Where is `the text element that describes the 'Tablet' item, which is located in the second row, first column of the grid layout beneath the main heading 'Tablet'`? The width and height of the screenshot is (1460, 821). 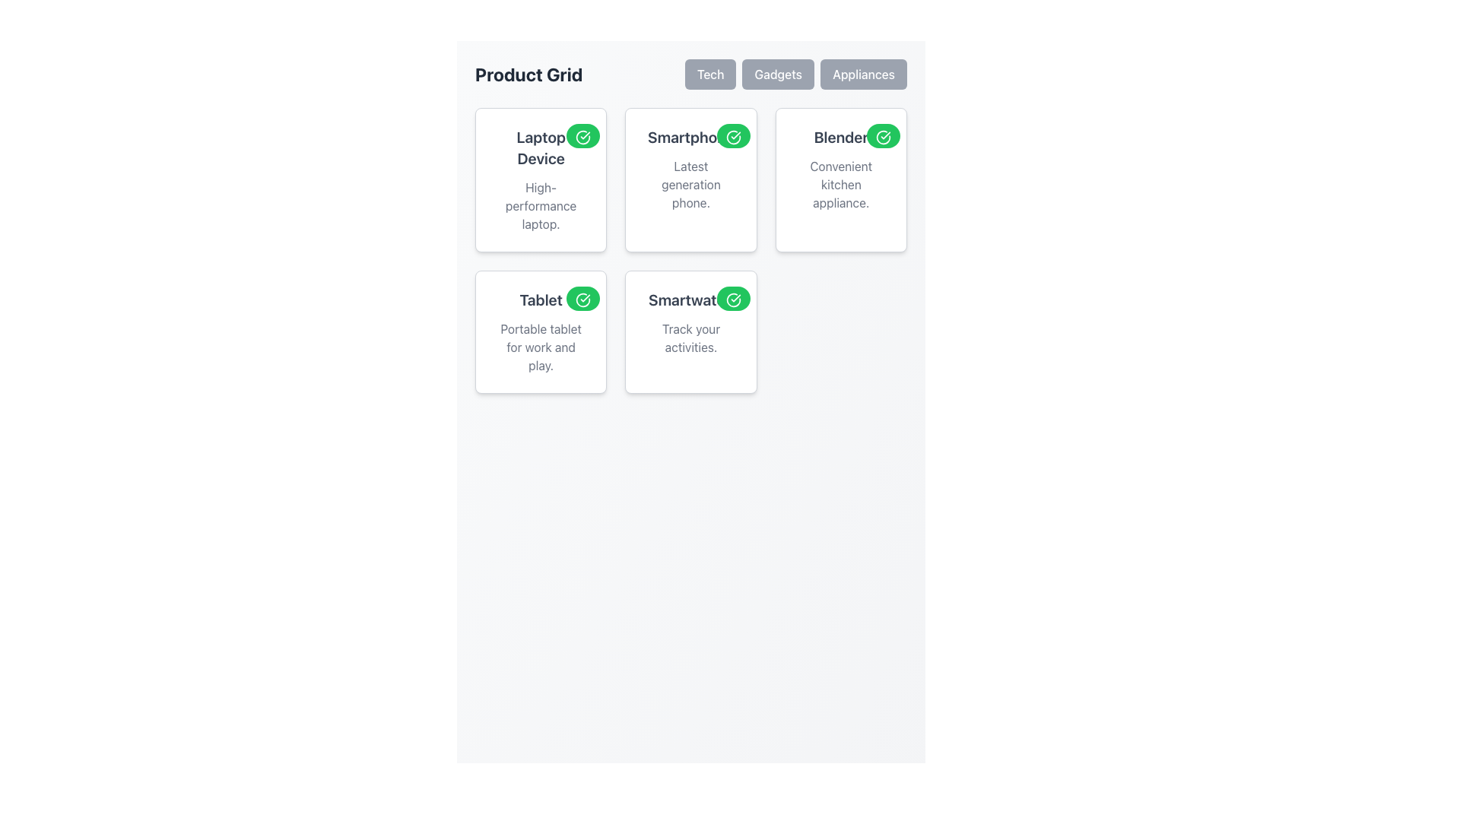
the text element that describes the 'Tablet' item, which is located in the second row, first column of the grid layout beneath the main heading 'Tablet' is located at coordinates (541, 347).